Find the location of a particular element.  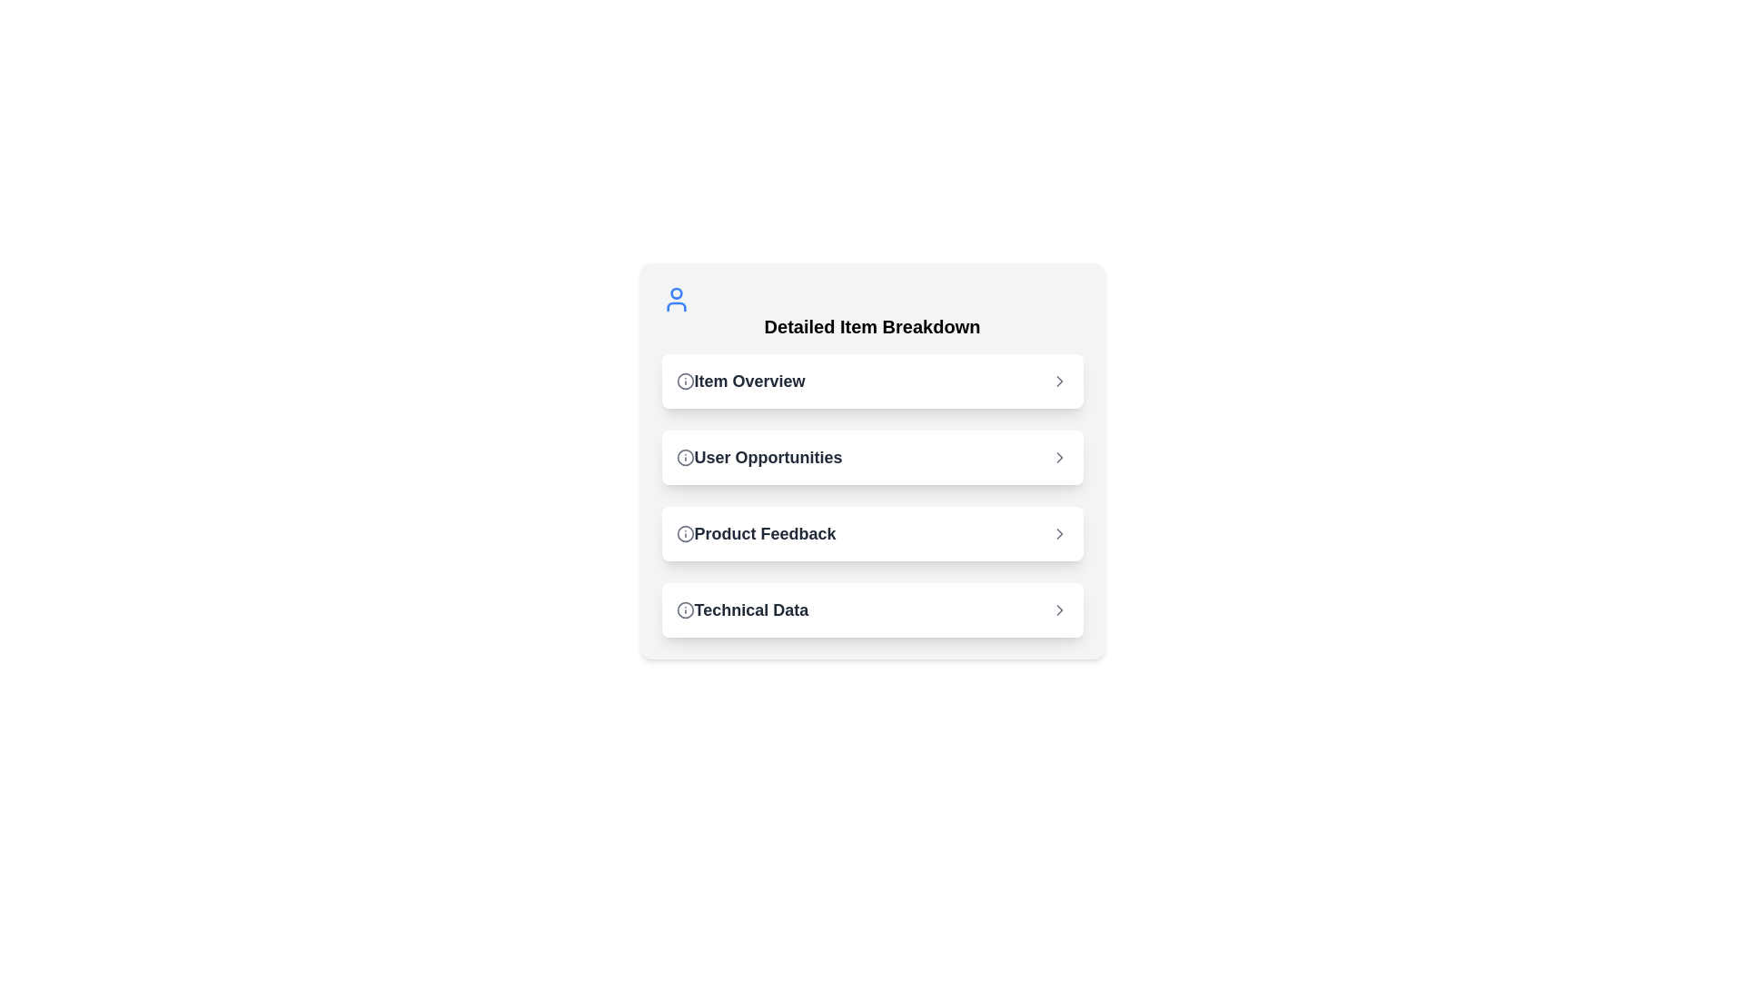

the right-pointing arrow icon located at the far right of the 'Item Overview' row is located at coordinates (1059, 381).